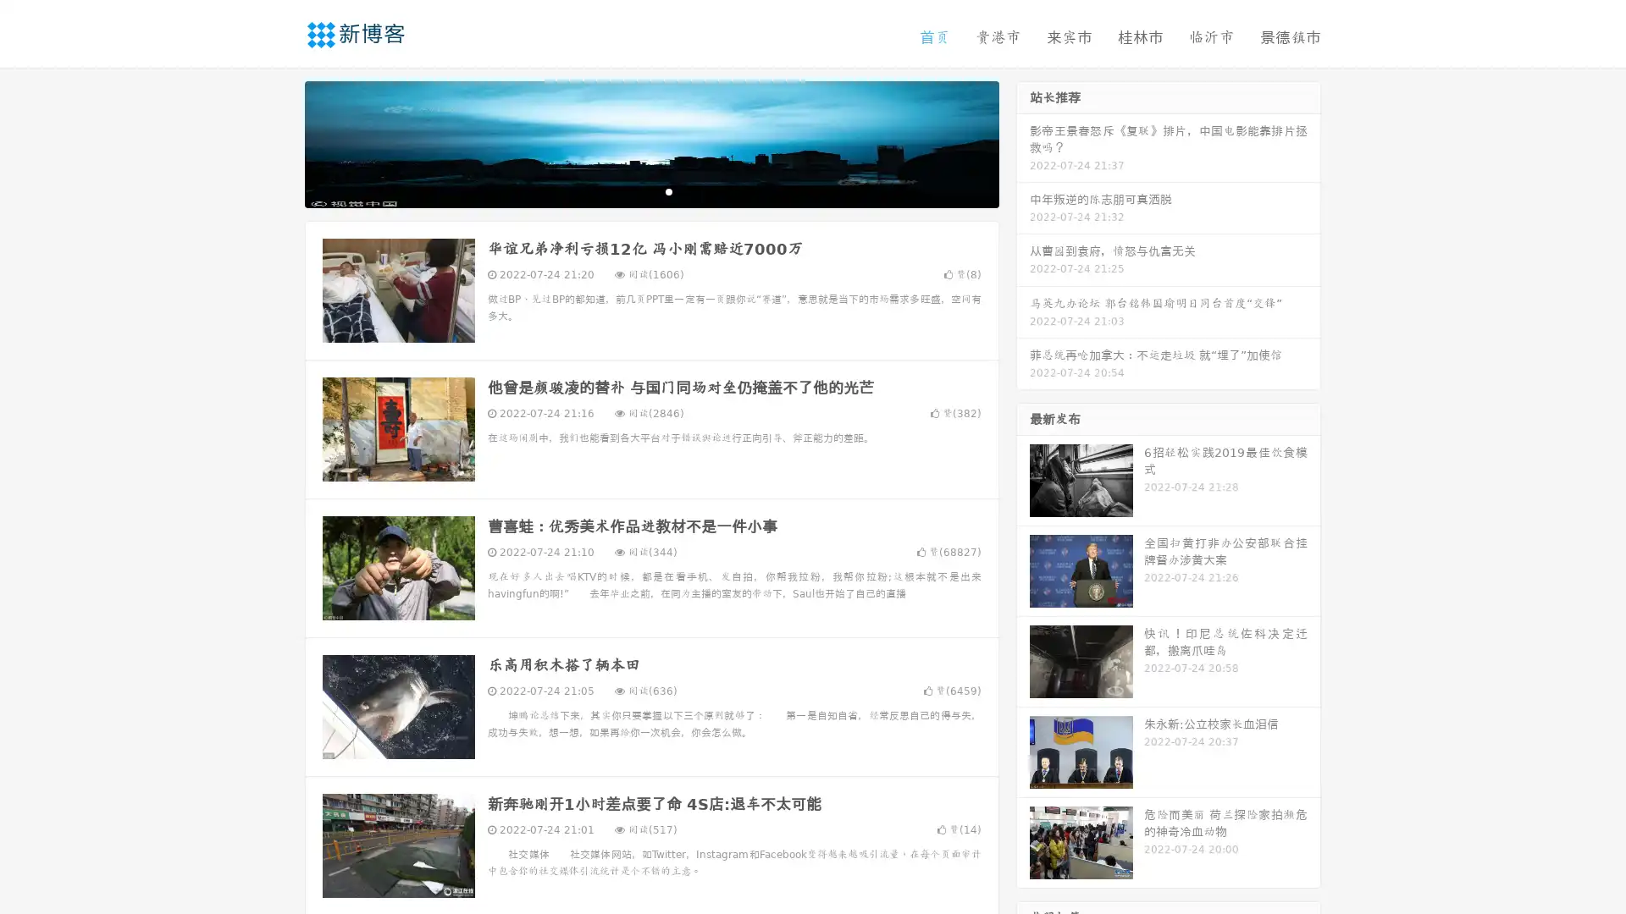 This screenshot has width=1626, height=914. Describe the element at coordinates (633, 190) in the screenshot. I see `Go to slide 1` at that location.